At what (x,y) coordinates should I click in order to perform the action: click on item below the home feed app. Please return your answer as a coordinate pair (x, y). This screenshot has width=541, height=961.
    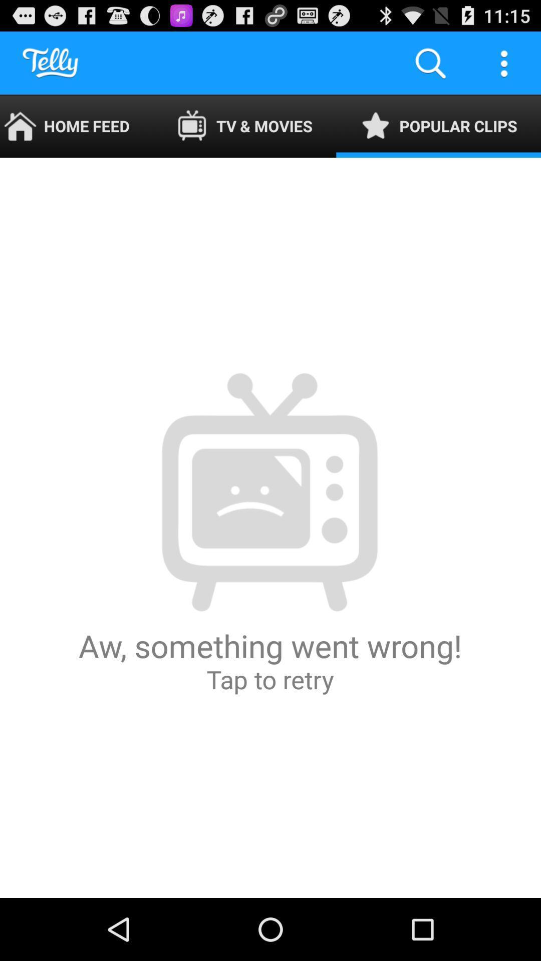
    Looking at the image, I should click on (269, 527).